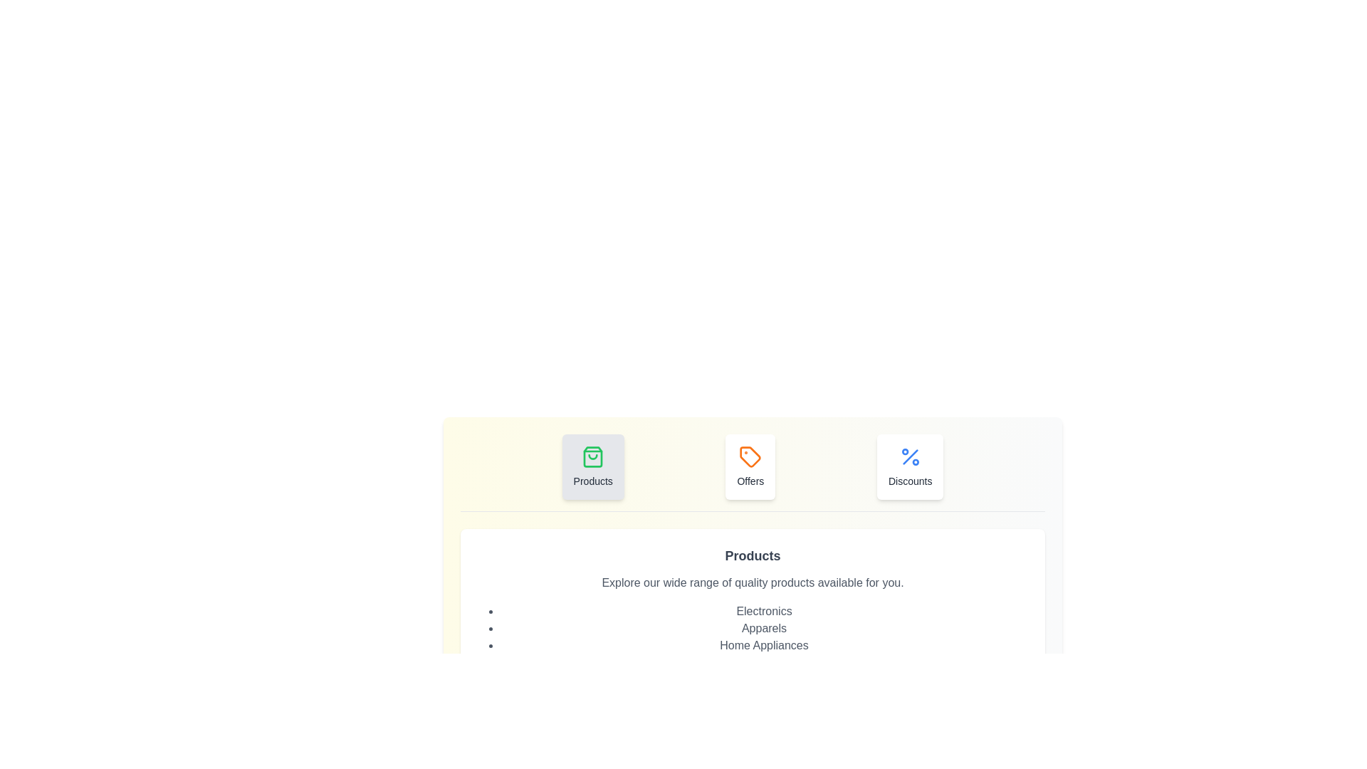 The height and width of the screenshot is (769, 1367). What do you see at coordinates (750, 466) in the screenshot?
I see `the tab labeled Offers` at bounding box center [750, 466].